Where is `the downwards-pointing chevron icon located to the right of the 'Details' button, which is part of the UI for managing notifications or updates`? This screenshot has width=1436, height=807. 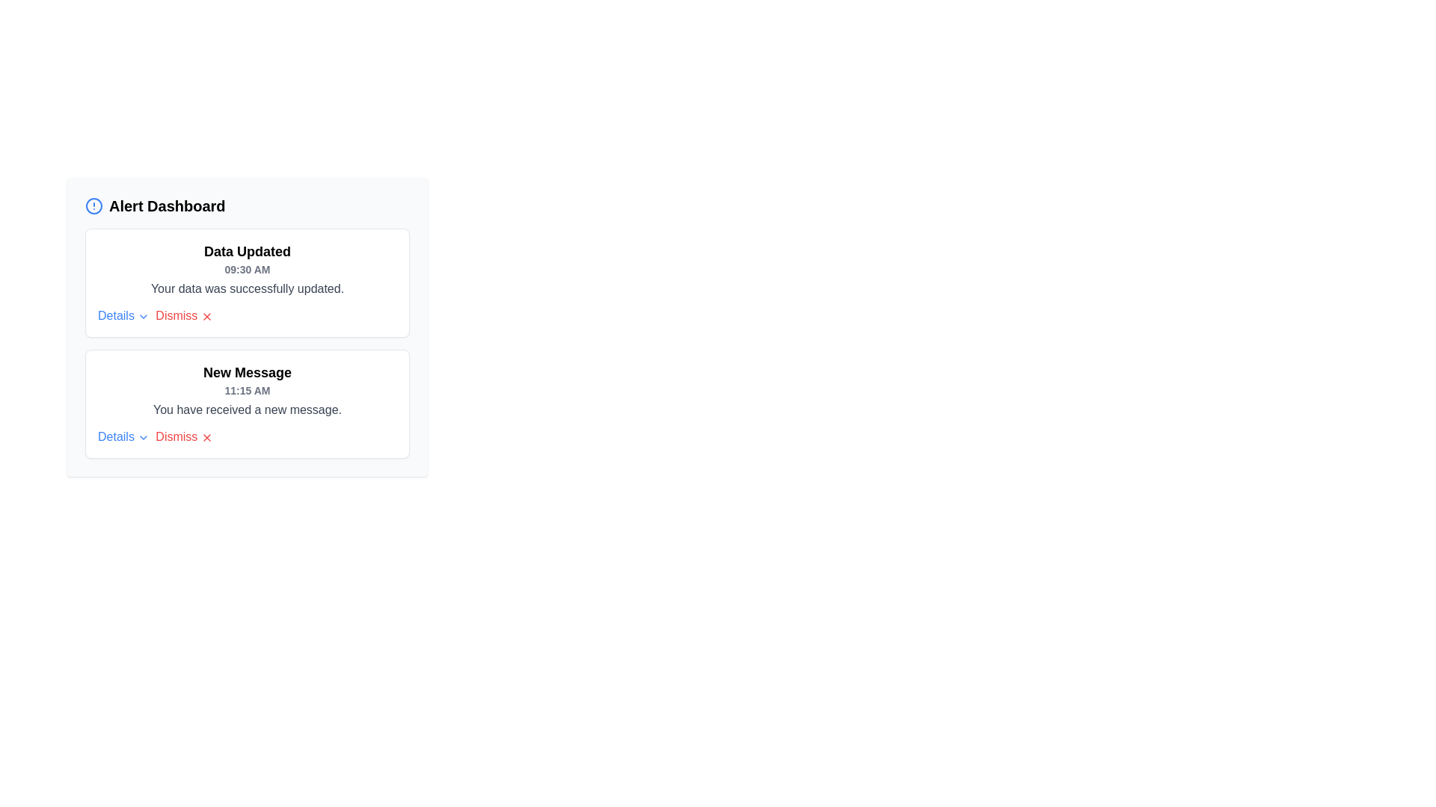 the downwards-pointing chevron icon located to the right of the 'Details' button, which is part of the UI for managing notifications or updates is located at coordinates (144, 315).